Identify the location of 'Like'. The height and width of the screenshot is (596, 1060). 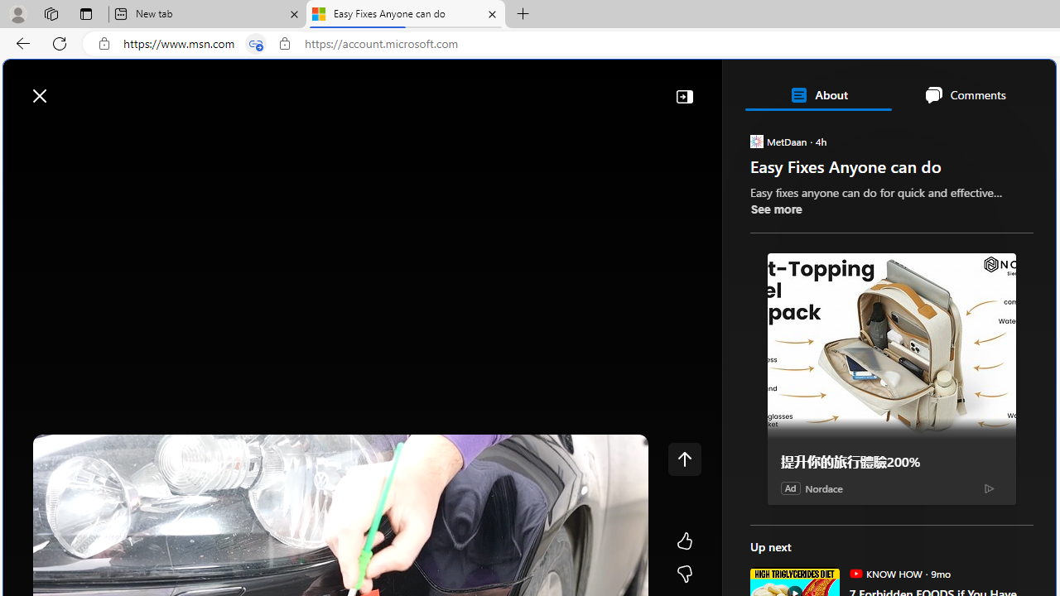
(684, 541).